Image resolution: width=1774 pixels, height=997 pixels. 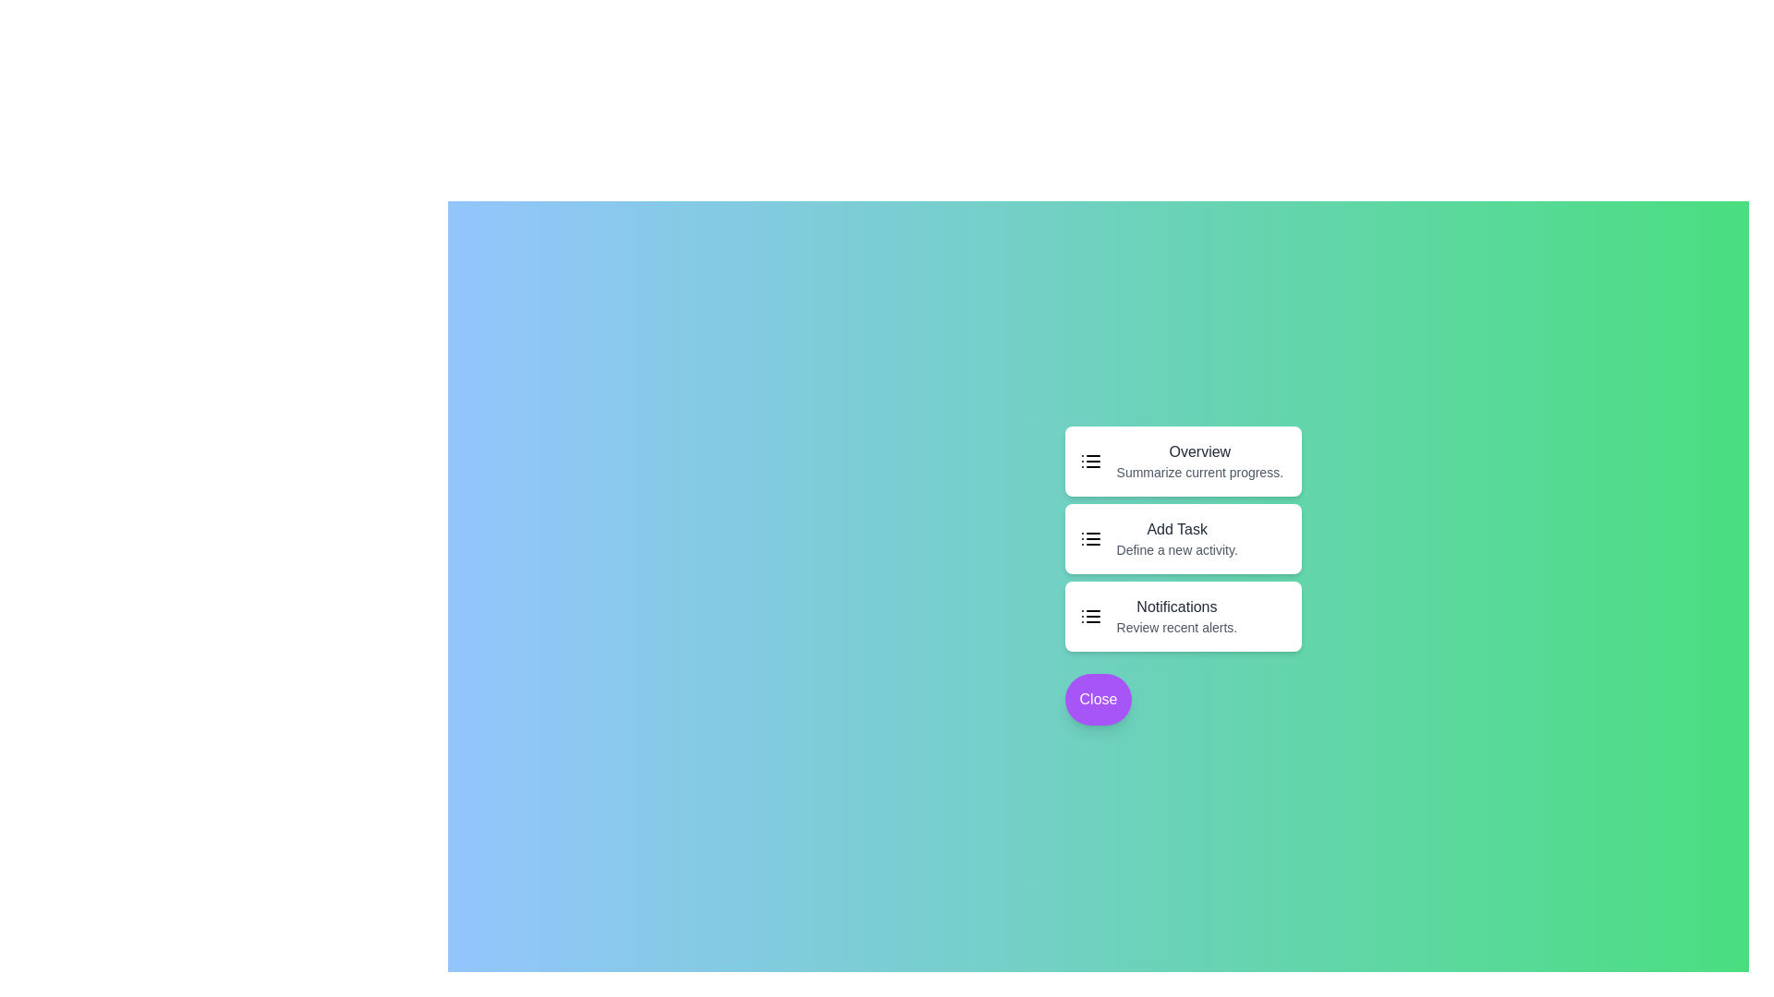 I want to click on the 'Add Task' option to initiate the action, so click(x=1183, y=538).